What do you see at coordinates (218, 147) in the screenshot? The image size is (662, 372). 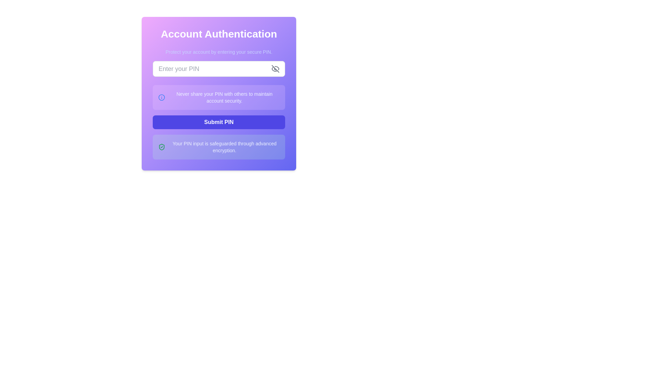 I see `the Informational box that reassures users about the security of their PIN input, located below the gradient blue 'Submit PIN' button` at bounding box center [218, 147].